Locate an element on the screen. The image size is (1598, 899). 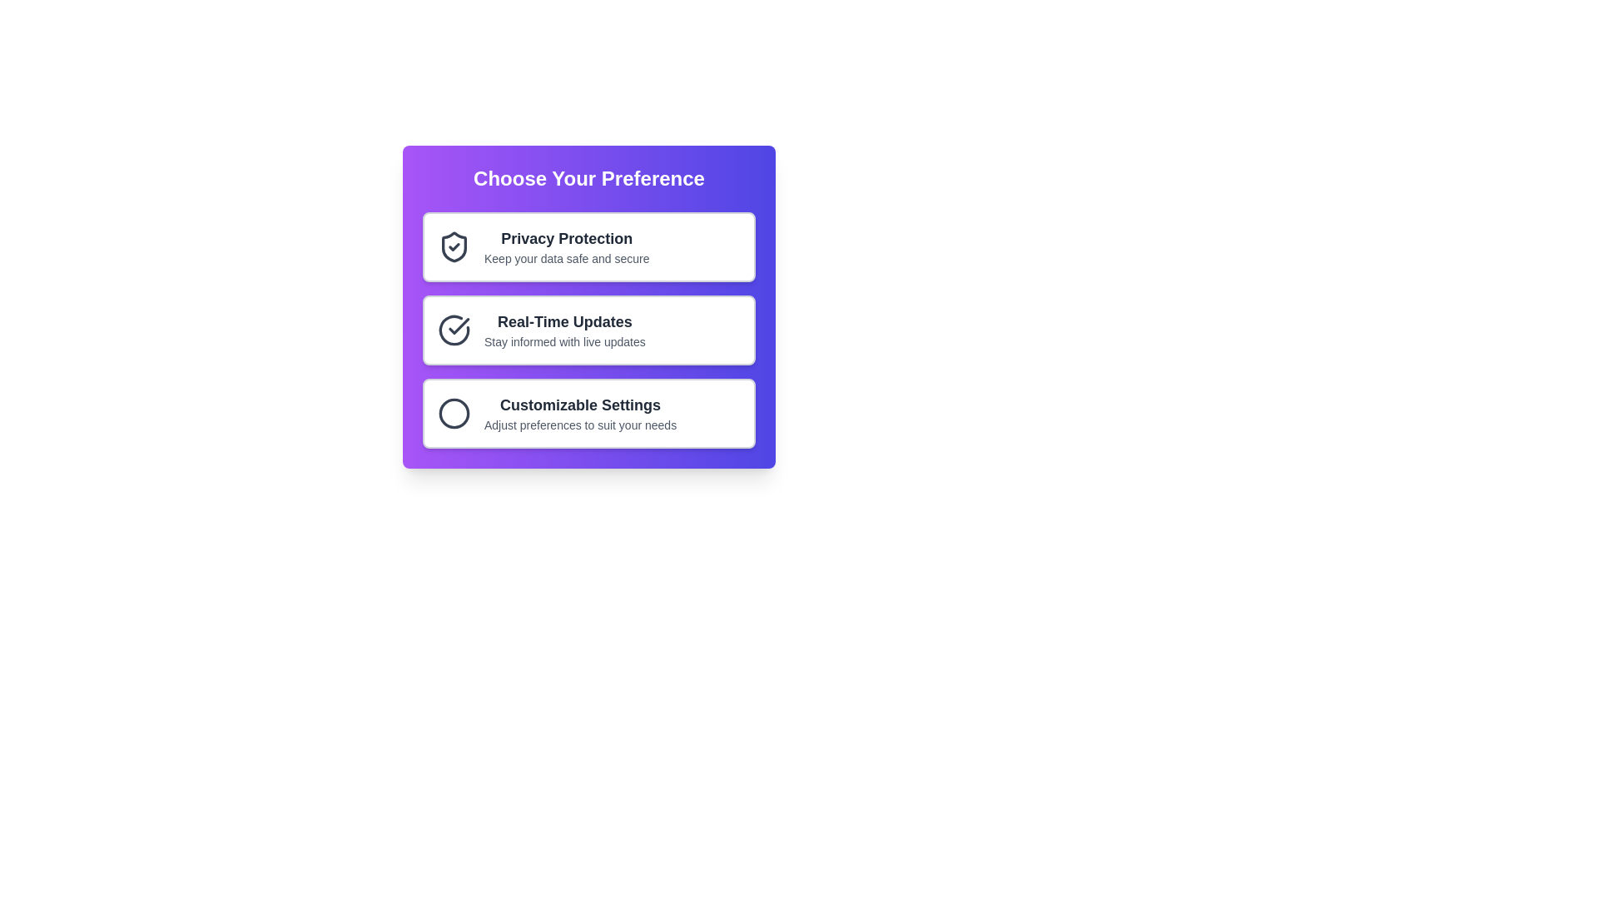
the descriptive text element located directly beneath the 'Privacy Protection' title, which explains the purpose of the associated option is located at coordinates (567, 259).